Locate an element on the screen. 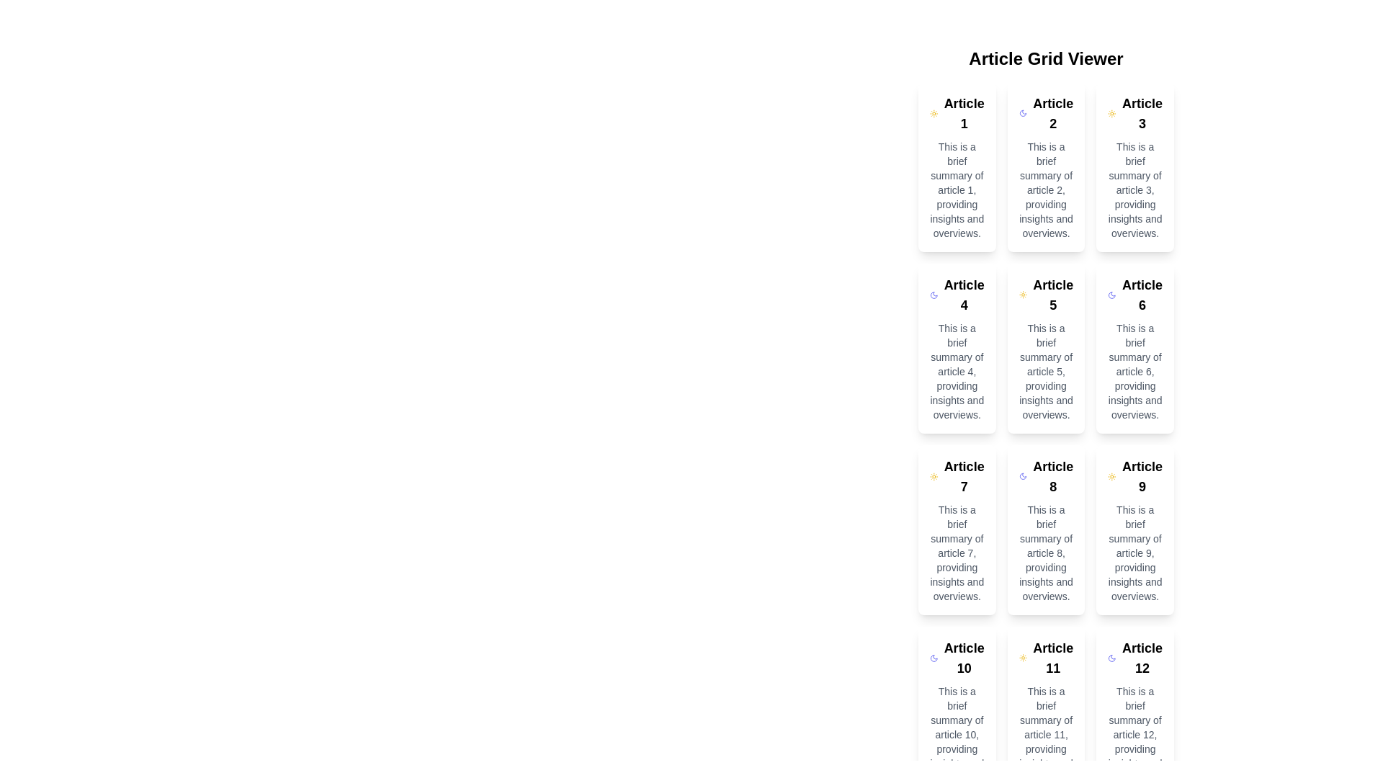 The image size is (1383, 778). the text label displaying 'Article 2', which is part of the 'Article Grid Viewer' layout and is visually distinguished as a heading is located at coordinates (1053, 113).